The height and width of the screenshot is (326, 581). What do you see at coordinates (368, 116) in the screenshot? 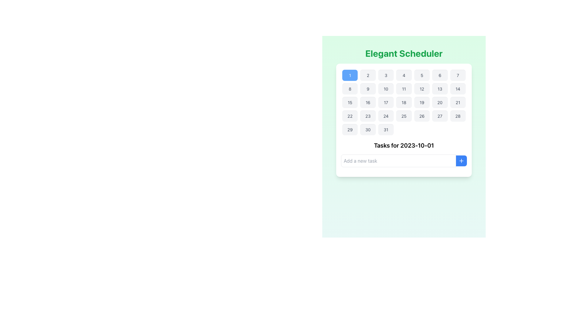
I see `the button representing the '23' date in the calendar view` at bounding box center [368, 116].